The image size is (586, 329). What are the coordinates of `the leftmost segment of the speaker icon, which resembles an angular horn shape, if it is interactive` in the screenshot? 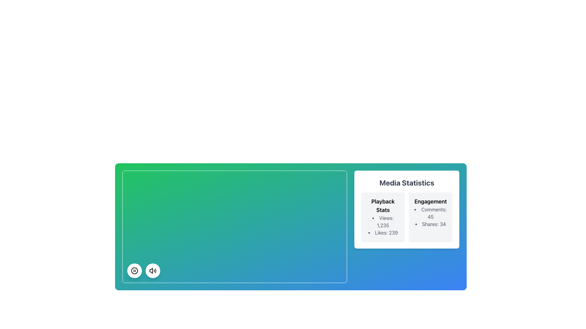 It's located at (151, 270).